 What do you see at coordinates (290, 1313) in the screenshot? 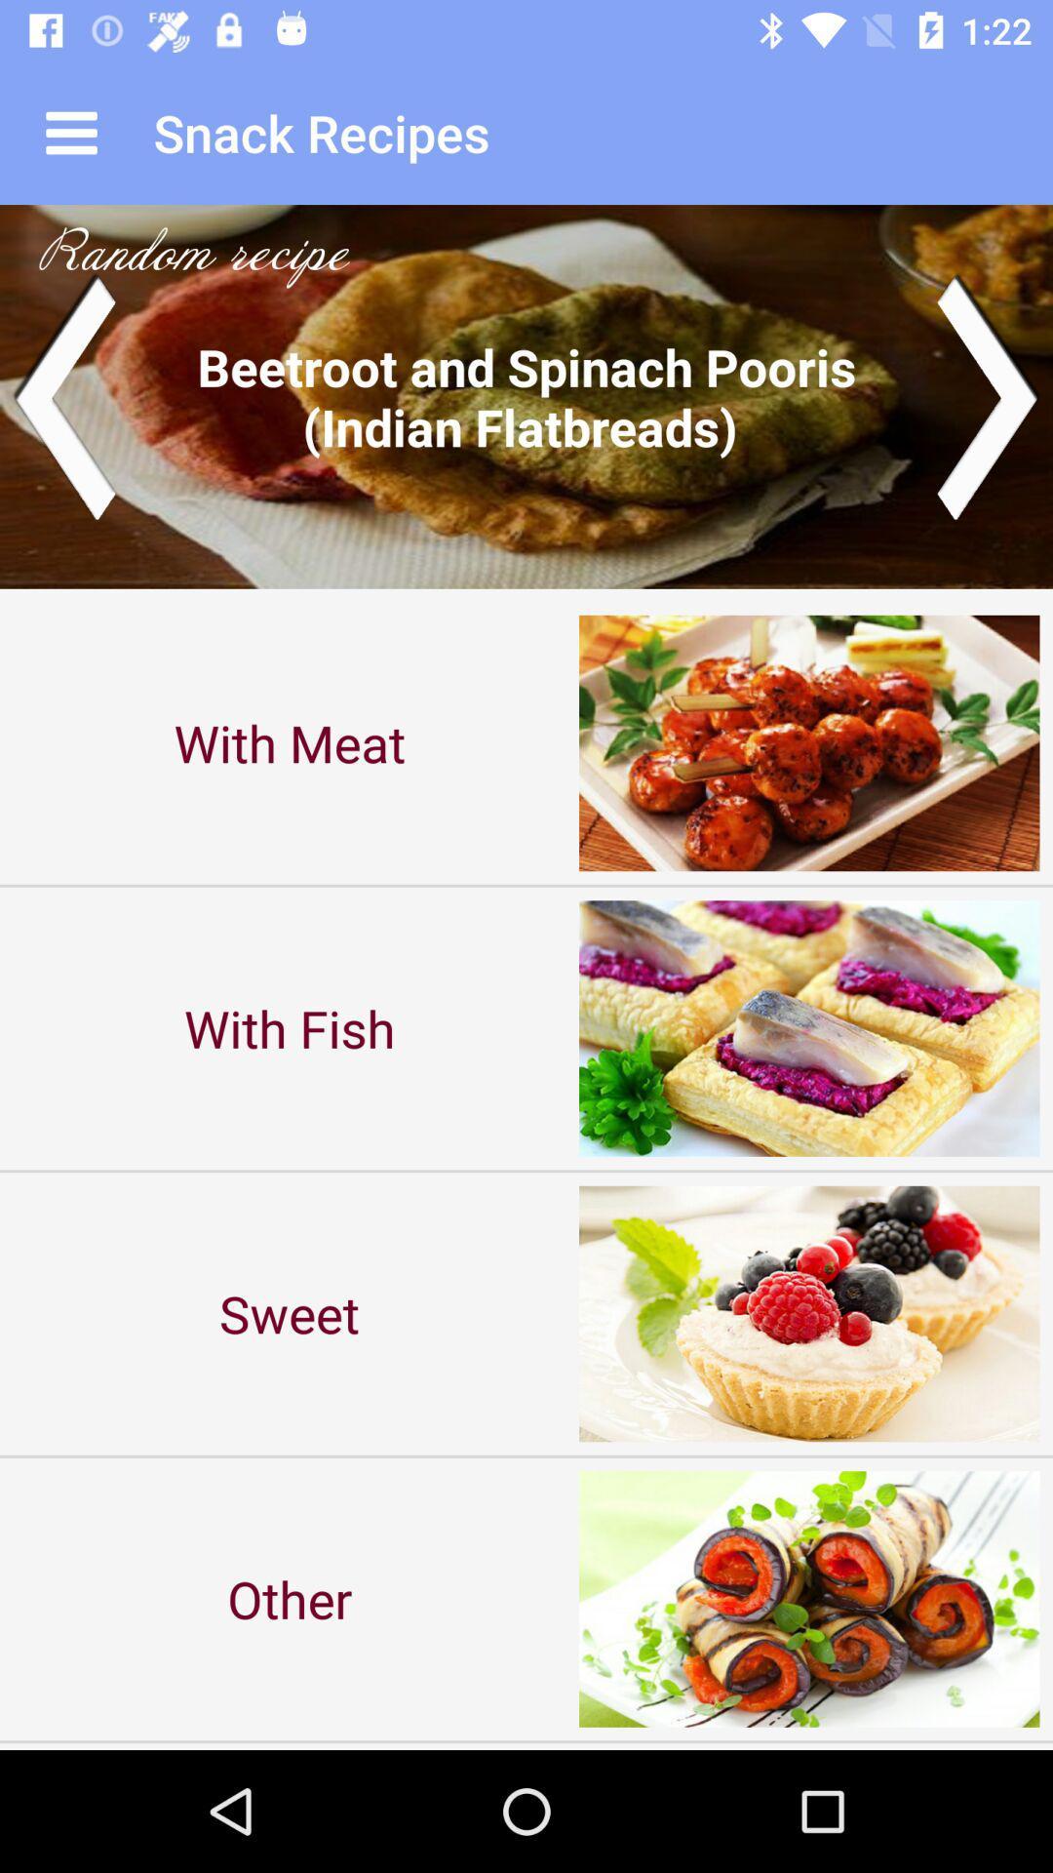
I see `icon below with fish` at bounding box center [290, 1313].